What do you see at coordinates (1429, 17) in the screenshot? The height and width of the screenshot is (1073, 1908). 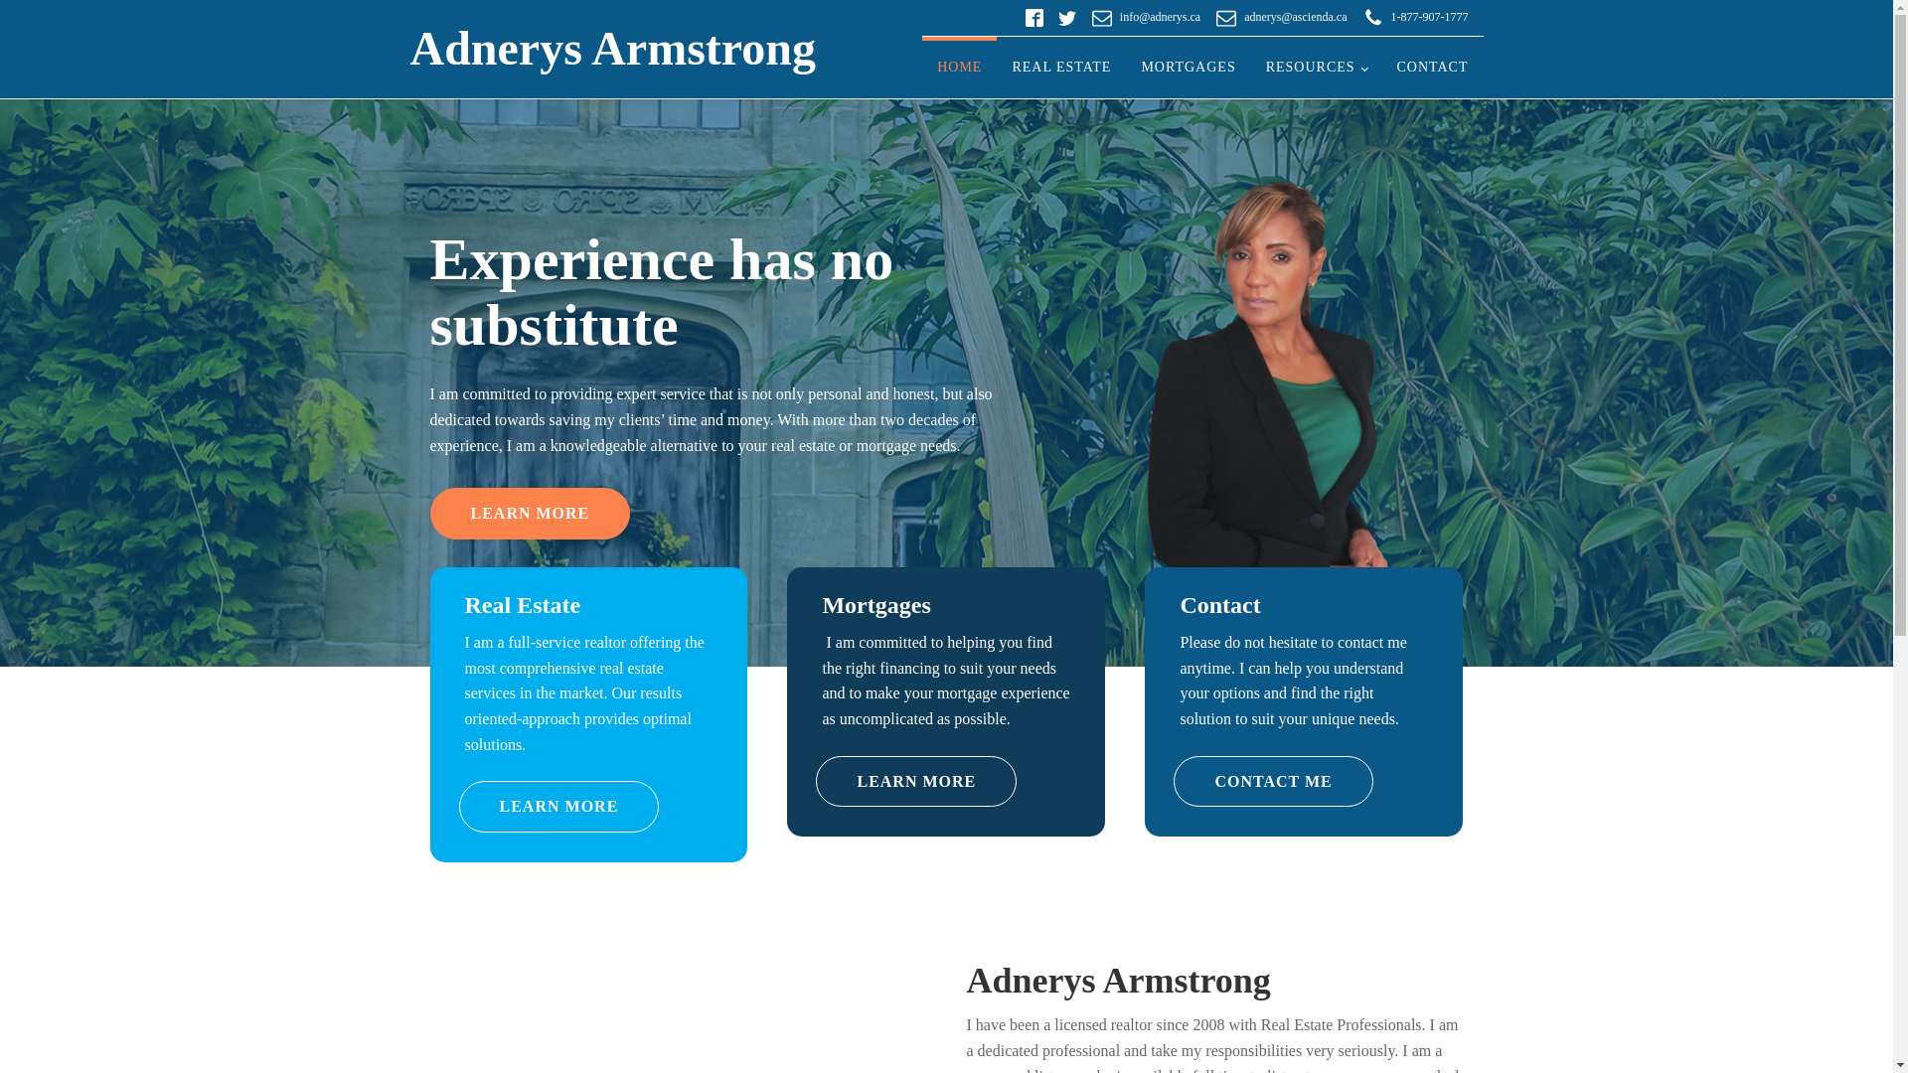 I see `'1-877-907-1777'` at bounding box center [1429, 17].